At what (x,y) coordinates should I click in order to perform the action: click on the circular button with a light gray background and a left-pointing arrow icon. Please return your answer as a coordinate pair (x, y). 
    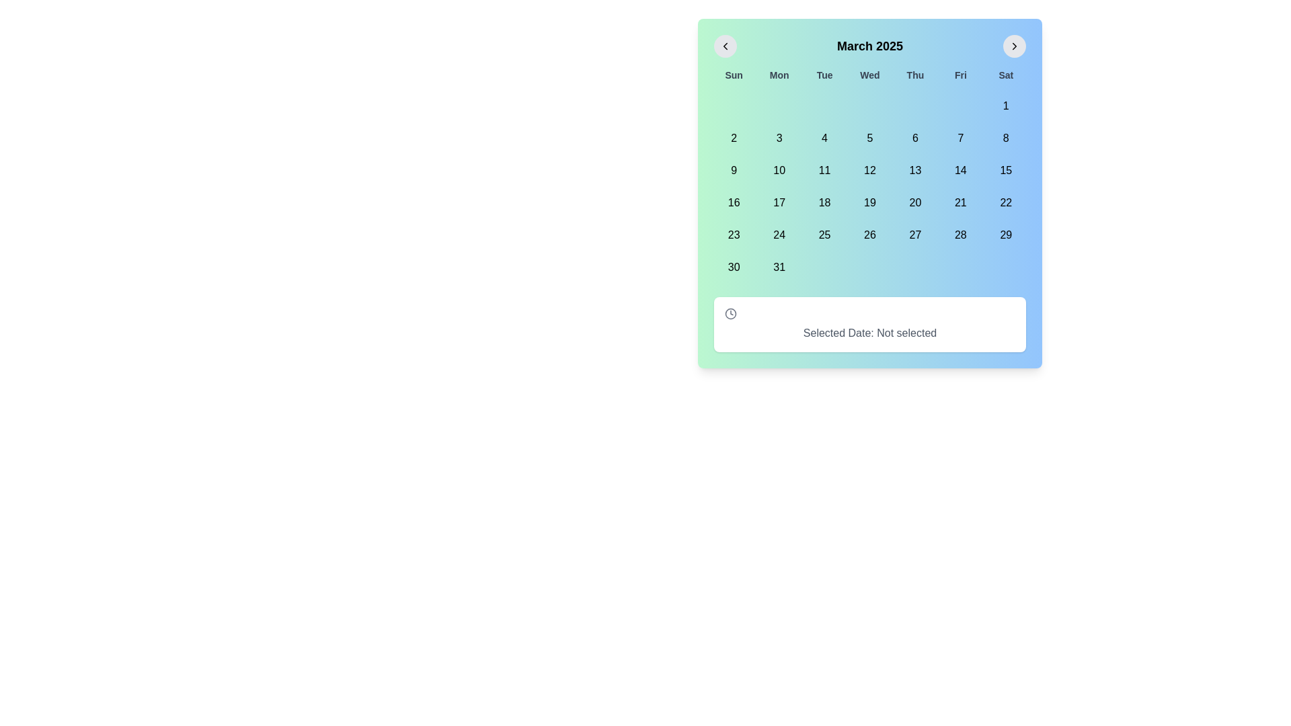
    Looking at the image, I should click on (725, 46).